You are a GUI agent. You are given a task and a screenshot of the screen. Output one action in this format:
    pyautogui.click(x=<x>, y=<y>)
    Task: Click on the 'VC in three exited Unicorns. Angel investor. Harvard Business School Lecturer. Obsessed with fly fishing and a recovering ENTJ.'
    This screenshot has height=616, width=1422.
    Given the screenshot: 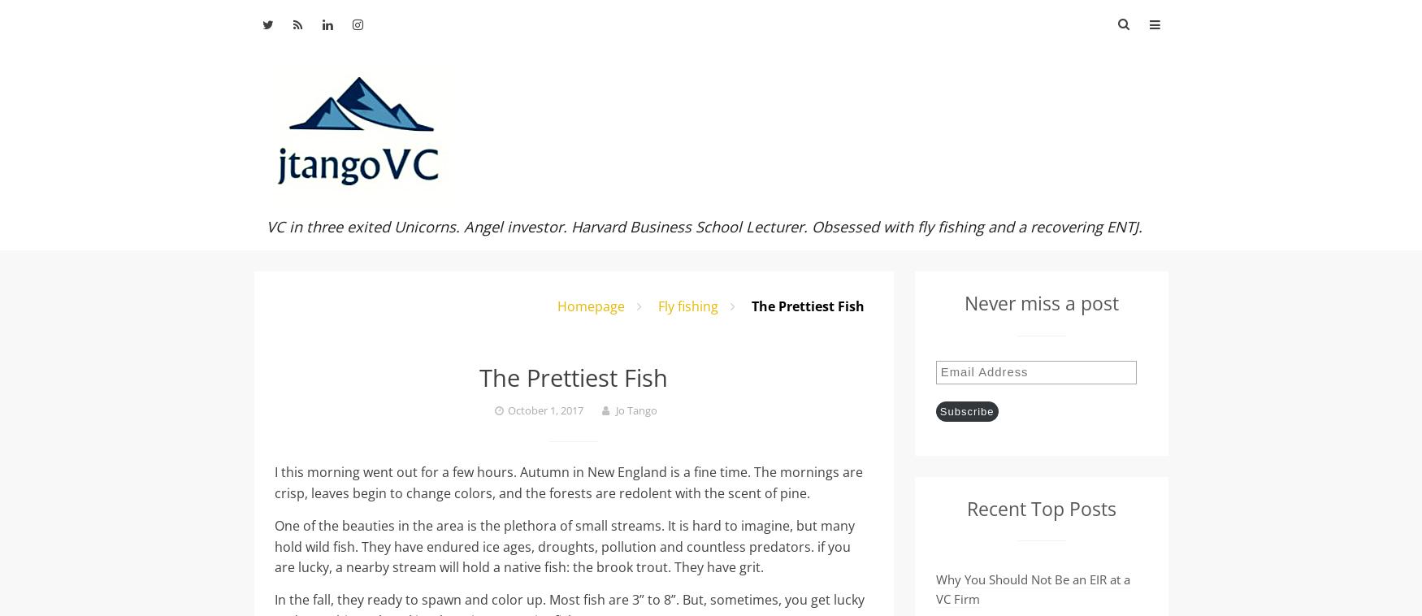 What is the action you would take?
    pyautogui.click(x=704, y=225)
    